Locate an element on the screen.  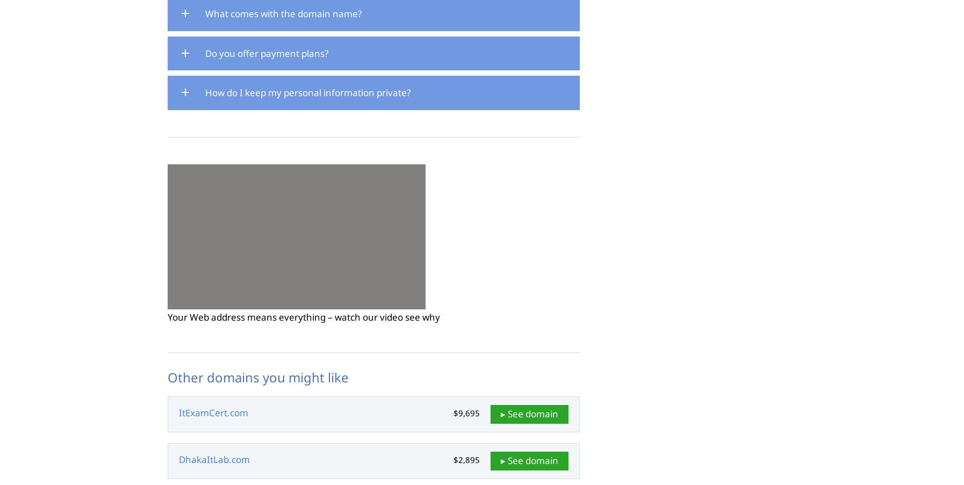
'Do you offer payment plans?' is located at coordinates (267, 53).